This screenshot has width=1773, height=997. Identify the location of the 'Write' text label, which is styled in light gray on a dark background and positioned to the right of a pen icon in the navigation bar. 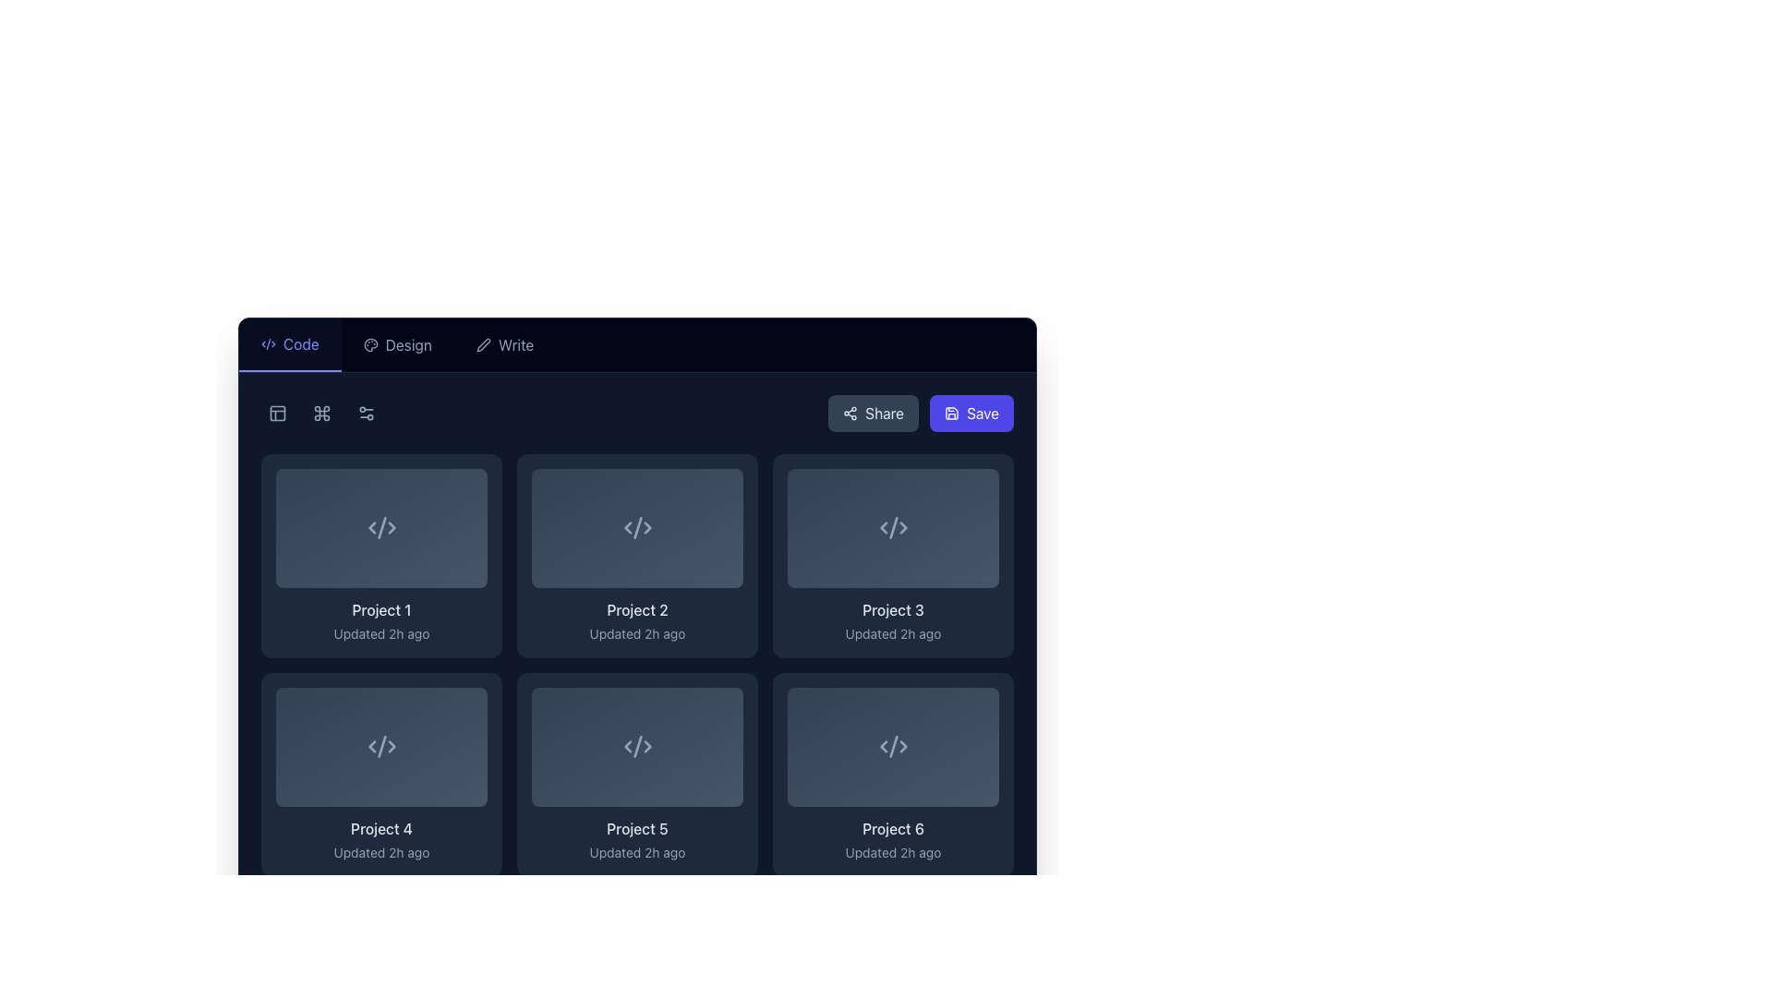
(516, 345).